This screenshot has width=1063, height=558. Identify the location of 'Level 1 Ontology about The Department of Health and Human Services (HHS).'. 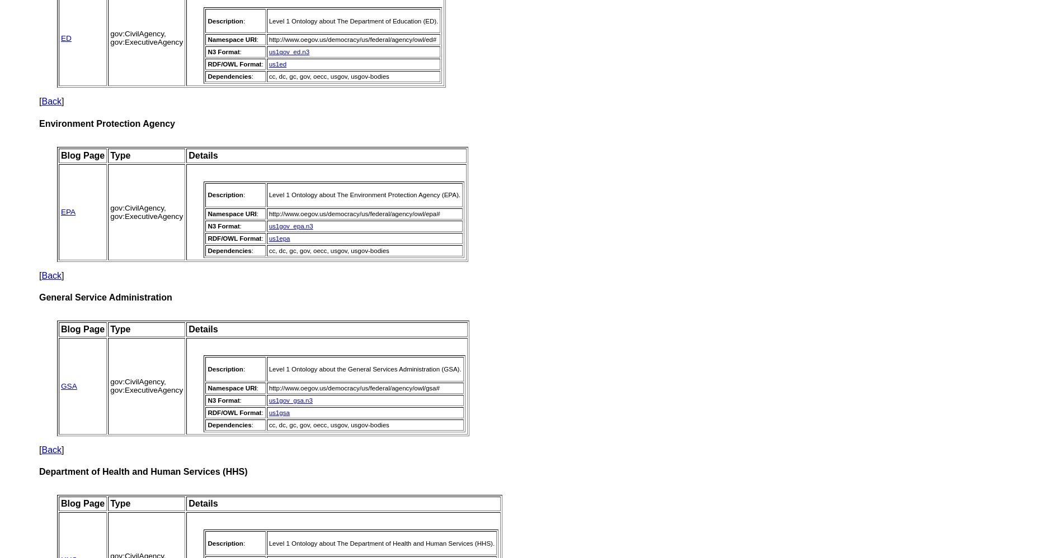
(381, 542).